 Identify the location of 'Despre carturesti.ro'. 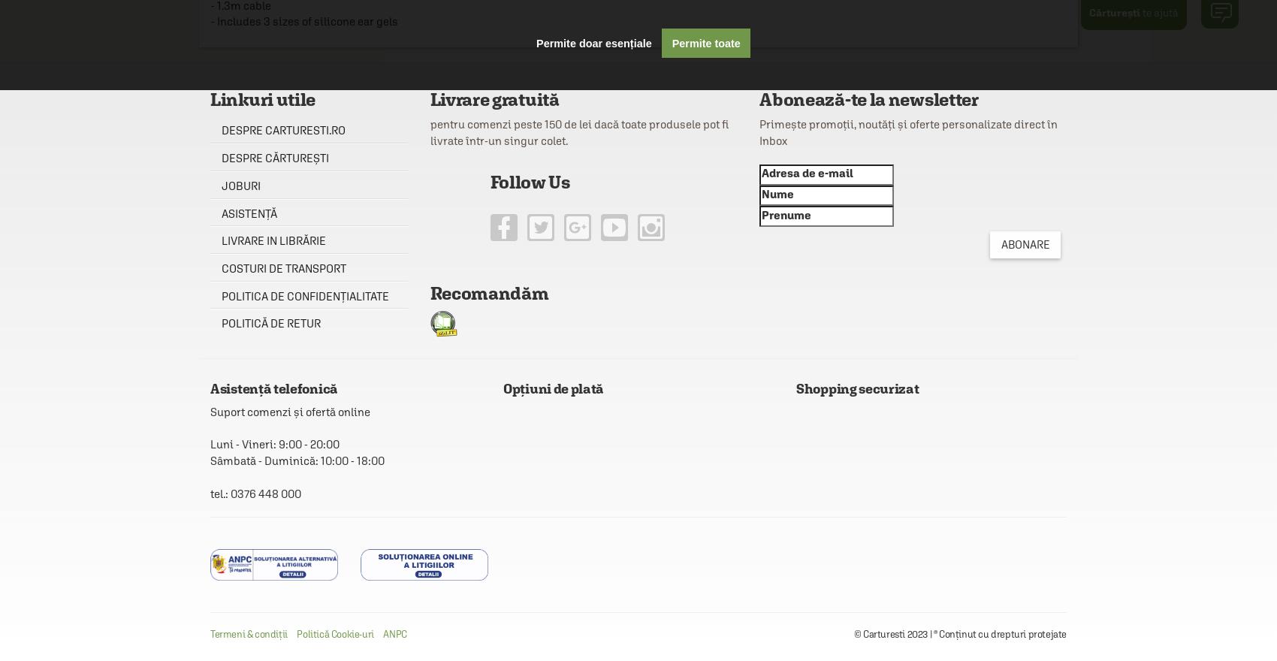
(282, 129).